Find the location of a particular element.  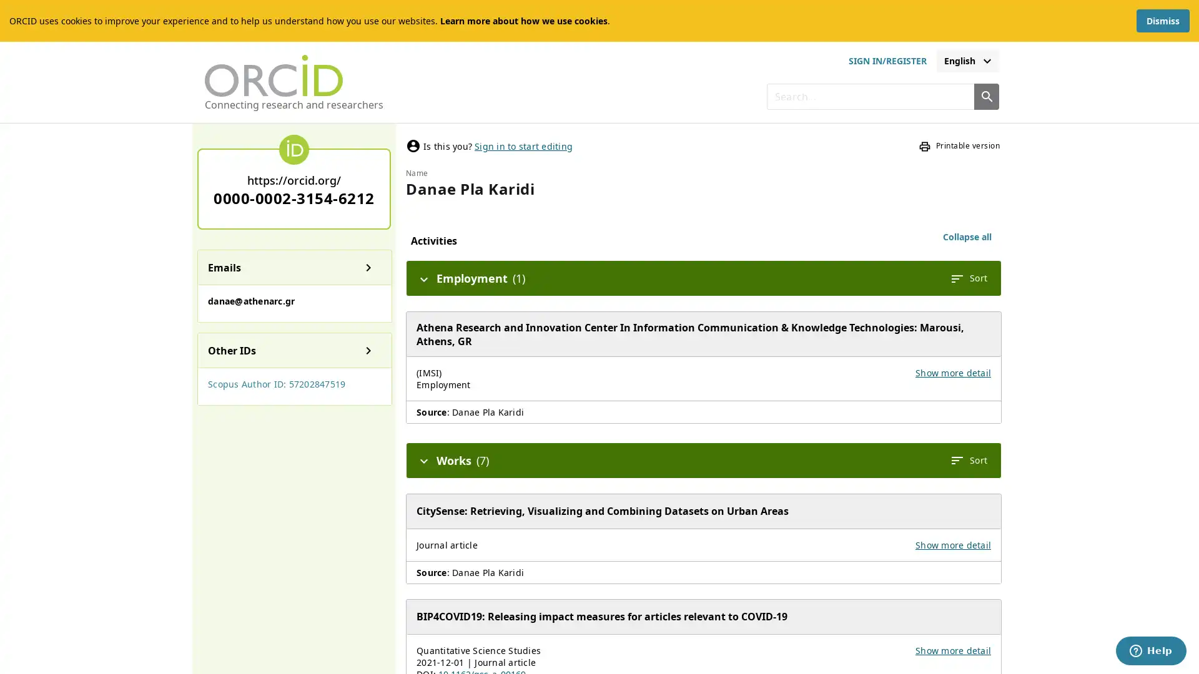

sign in or register is located at coordinates (886, 61).